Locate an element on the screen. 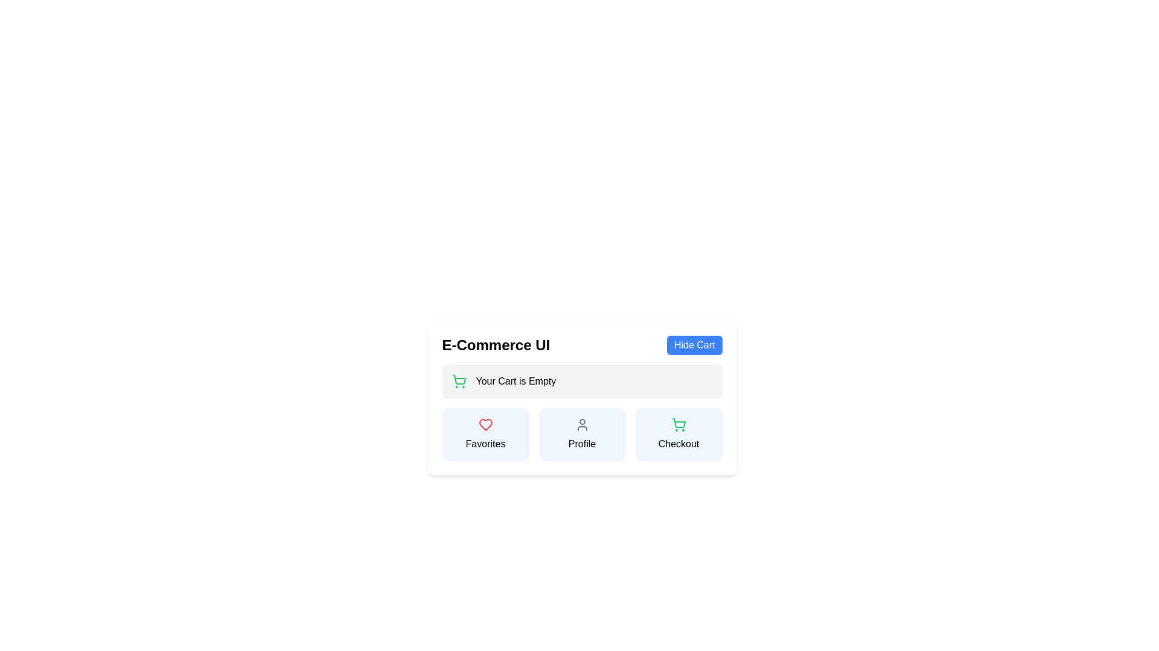 The height and width of the screenshot is (651, 1159). the heart icon filled with red color, representing the 'favorite' feature, which is the first icon in a row of three icons is located at coordinates (485, 424).